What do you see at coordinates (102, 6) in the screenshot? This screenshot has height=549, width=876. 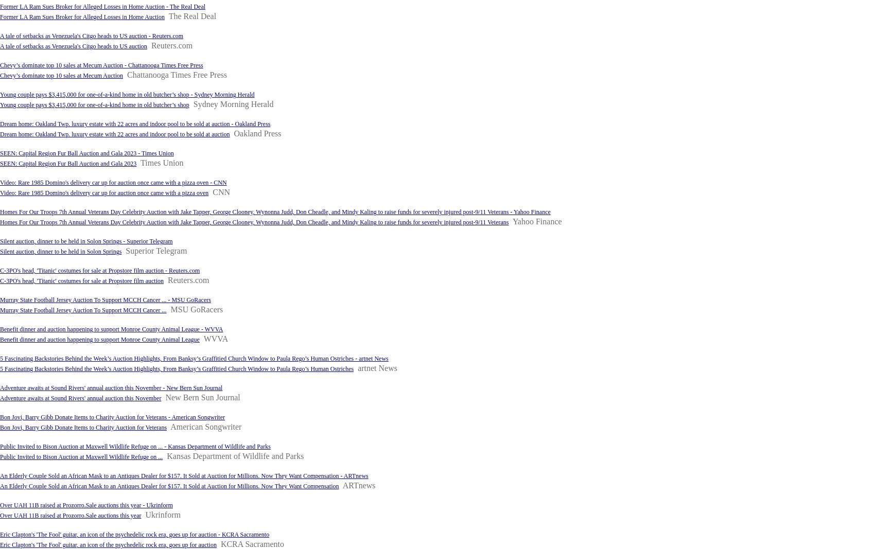 I see `'Former LA Ram Sues Broker for Alleged Losses in Home Auction - The Real Deal'` at bounding box center [102, 6].